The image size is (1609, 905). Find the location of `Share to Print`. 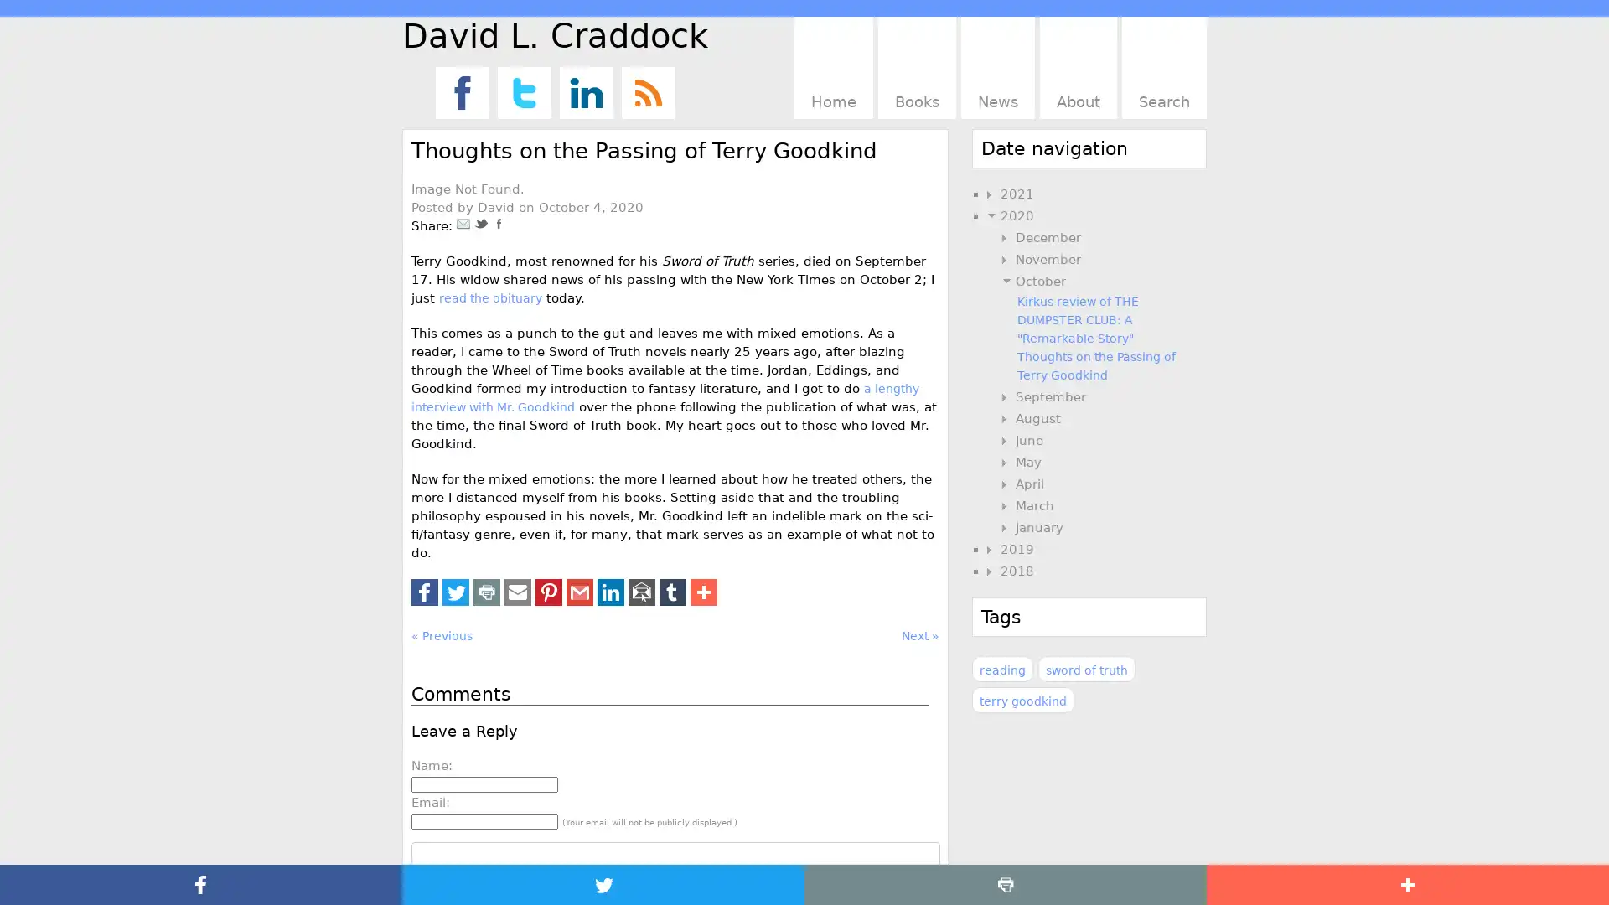

Share to Print is located at coordinates (485, 591).